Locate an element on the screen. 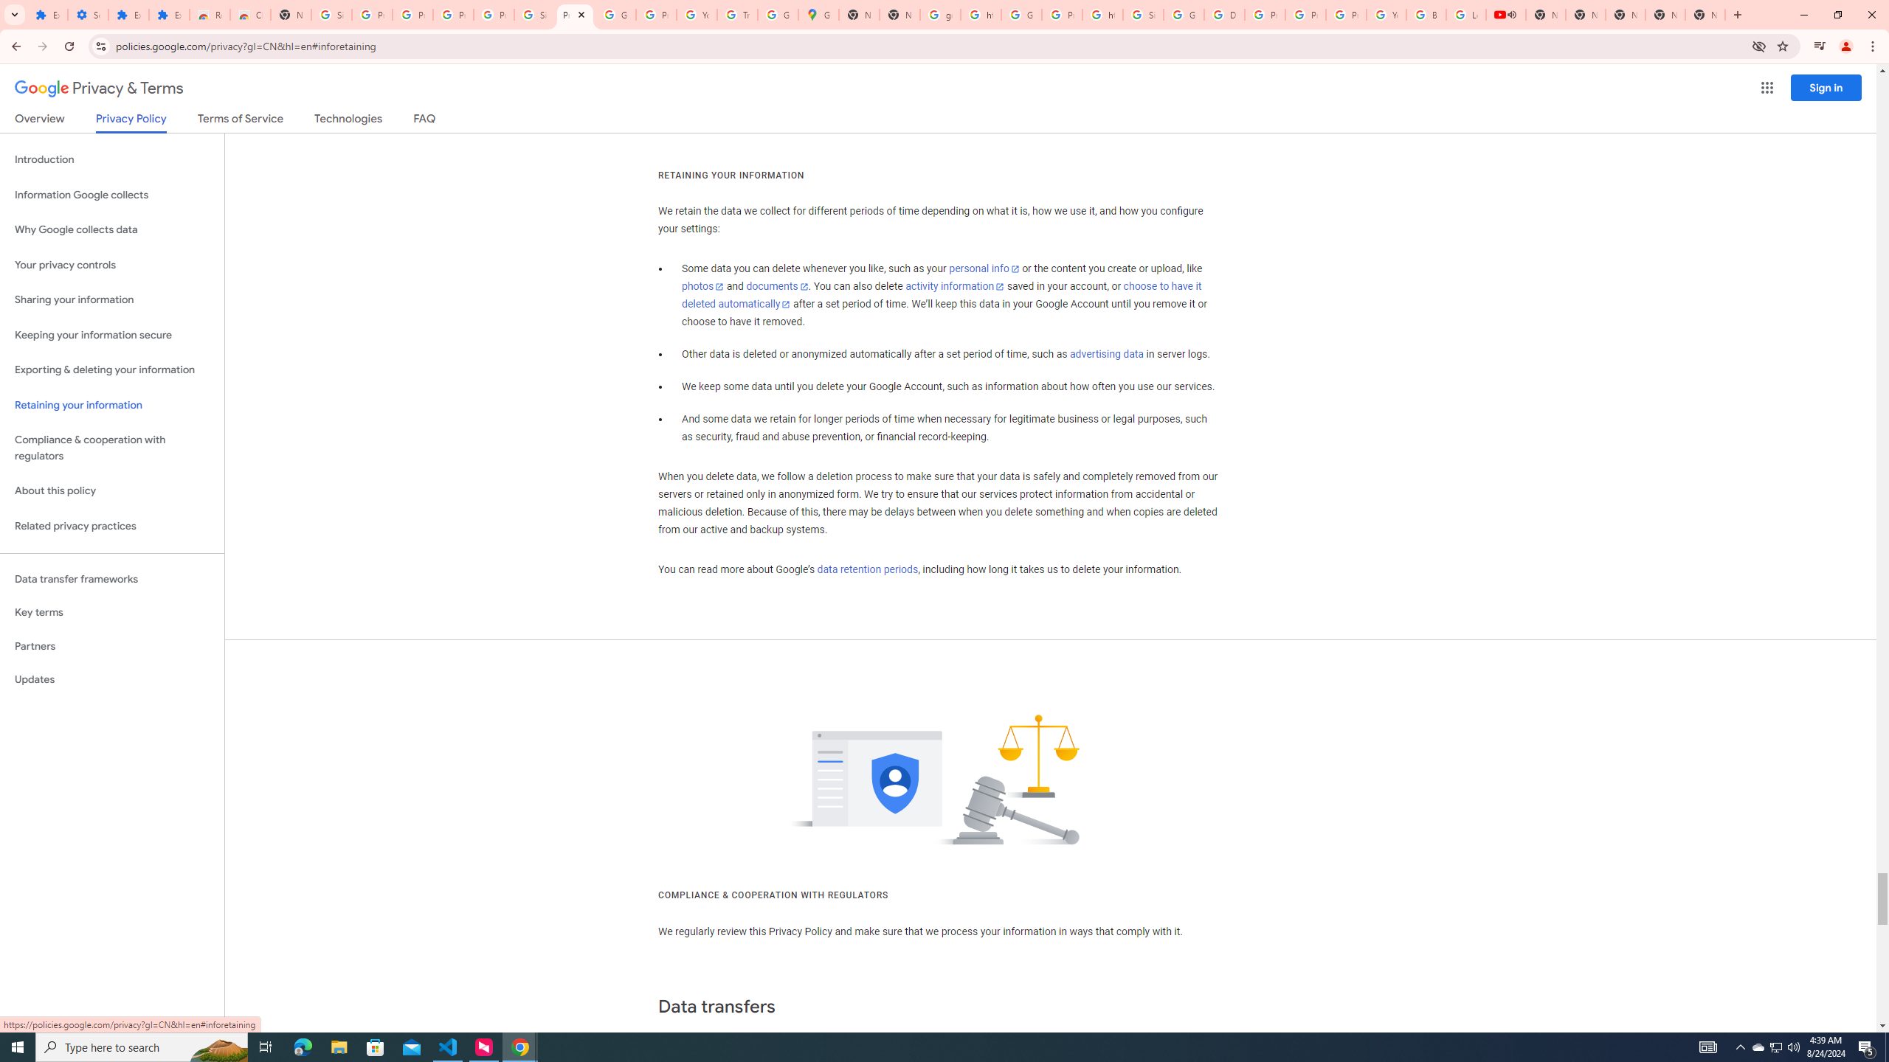 The height and width of the screenshot is (1062, 1889). 'Related privacy practices' is located at coordinates (111, 525).